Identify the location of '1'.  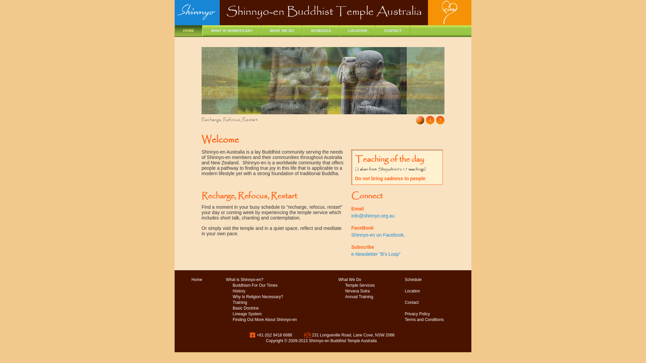
(416, 120).